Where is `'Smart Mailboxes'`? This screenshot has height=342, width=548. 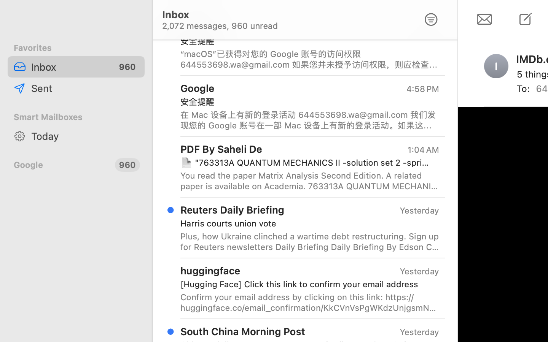 'Smart Mailboxes' is located at coordinates (76, 116).